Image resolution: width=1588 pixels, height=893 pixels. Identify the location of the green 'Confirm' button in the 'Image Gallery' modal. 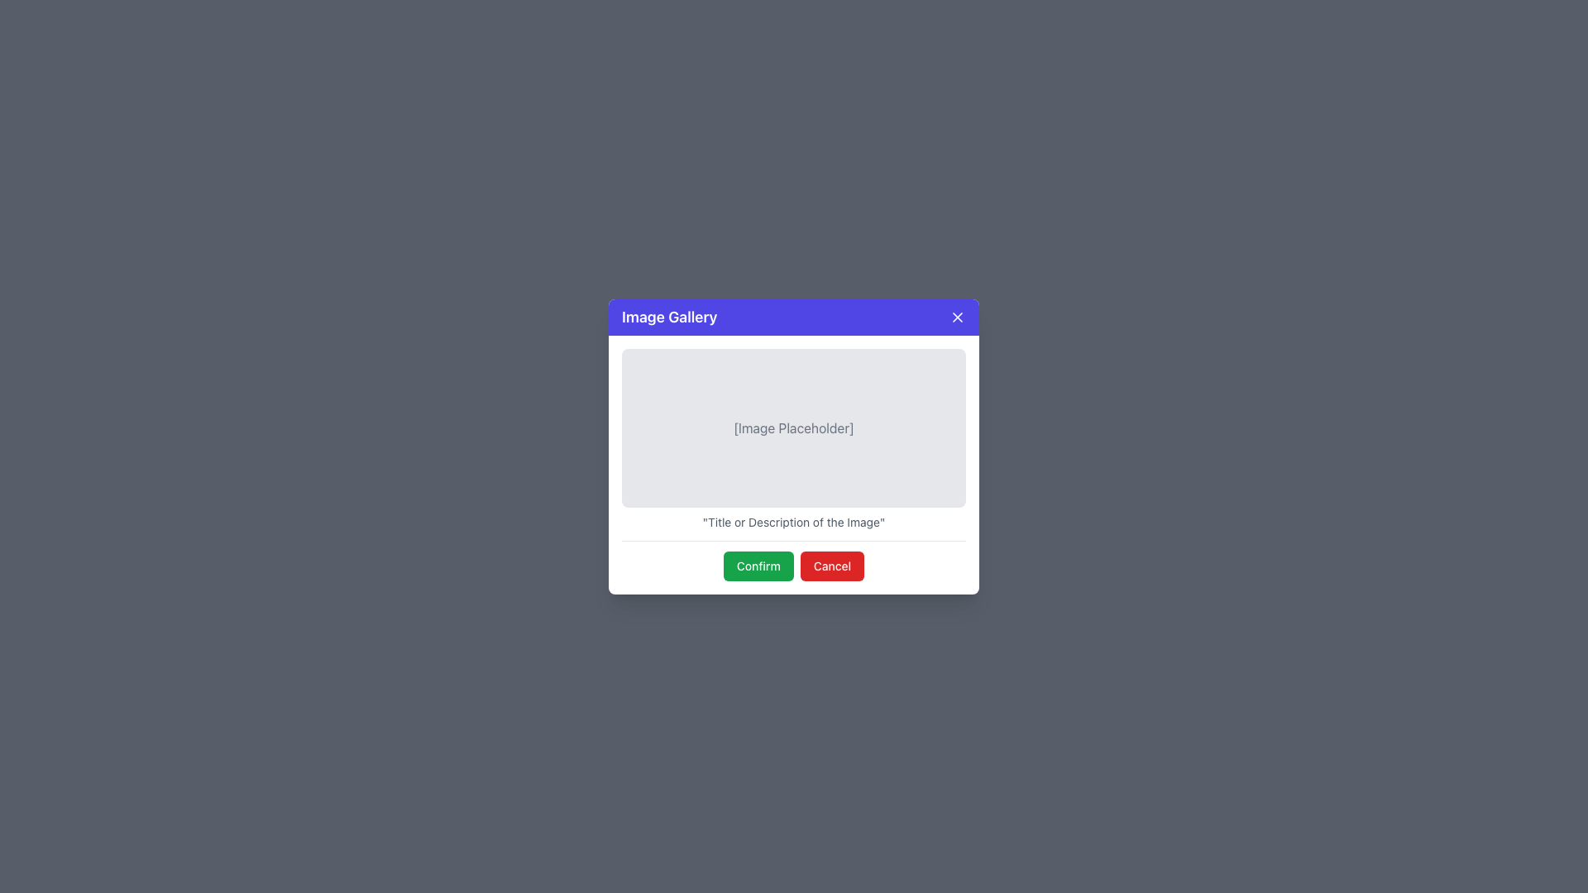
(758, 565).